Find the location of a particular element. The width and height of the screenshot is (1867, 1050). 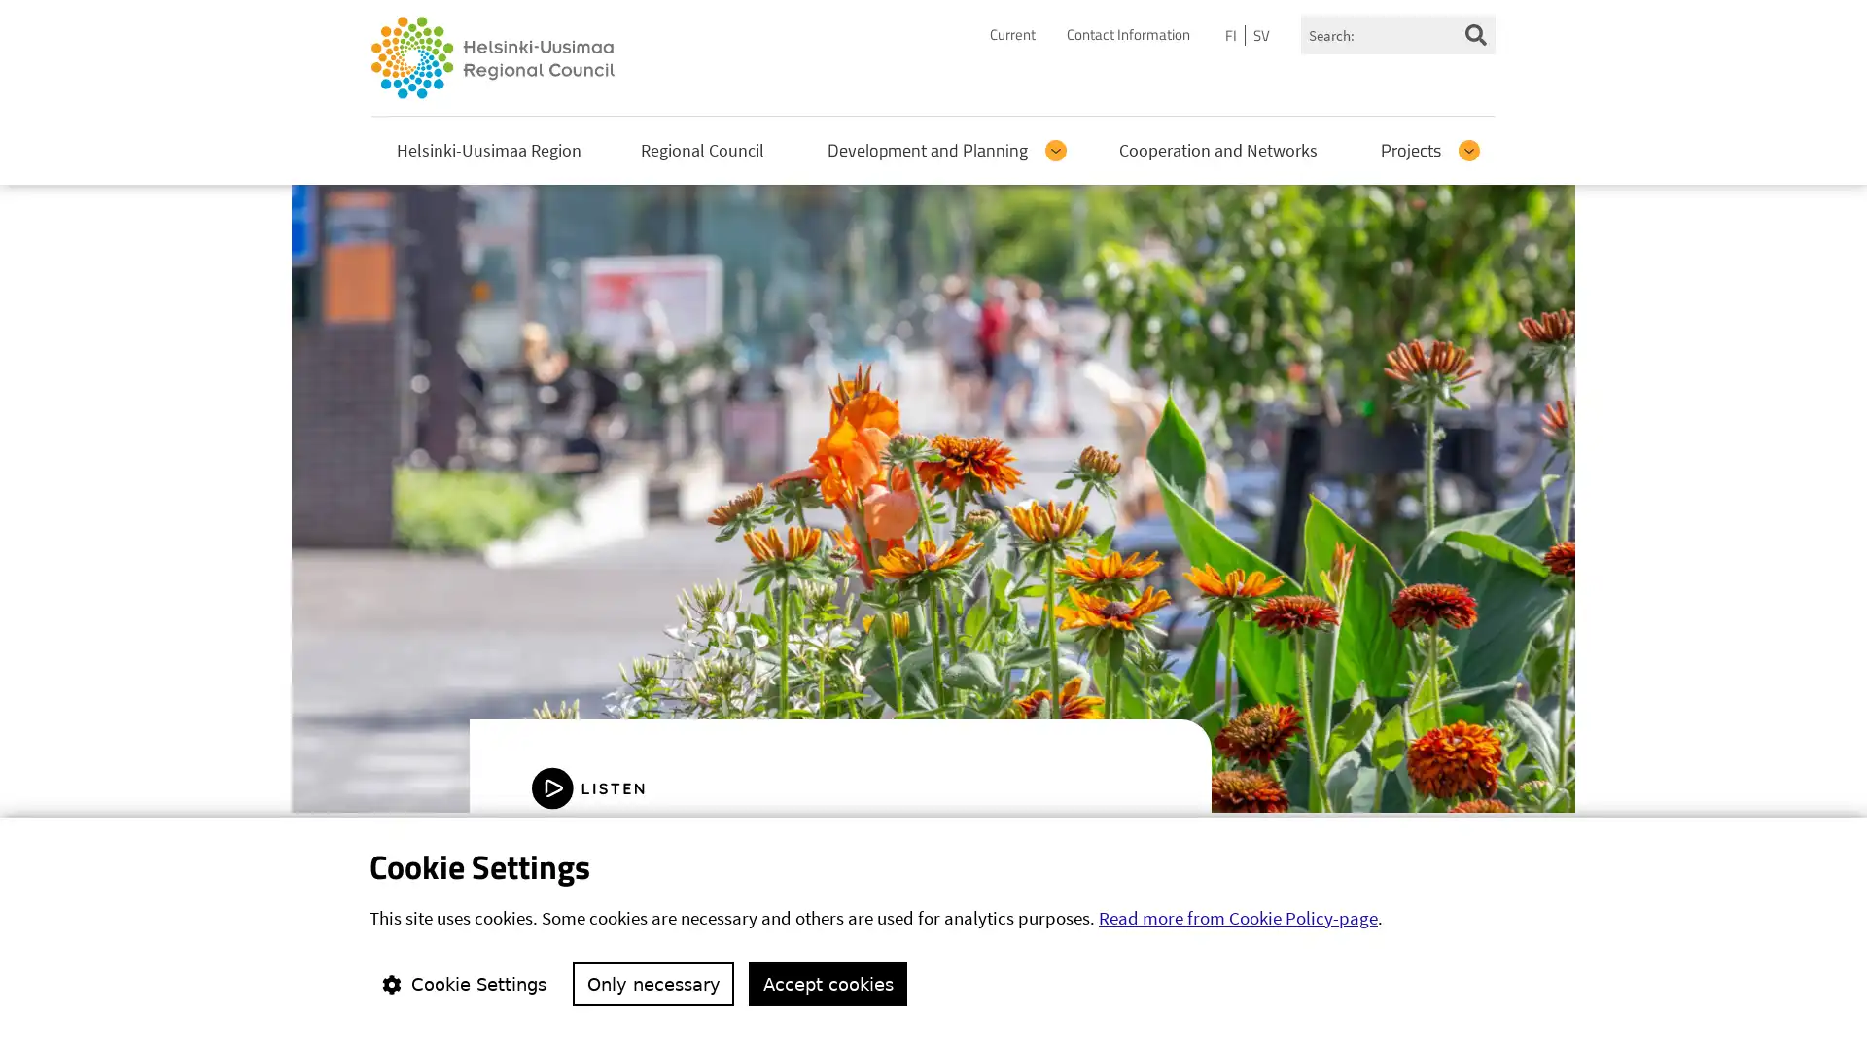

Cookie Settings is located at coordinates (462, 984).